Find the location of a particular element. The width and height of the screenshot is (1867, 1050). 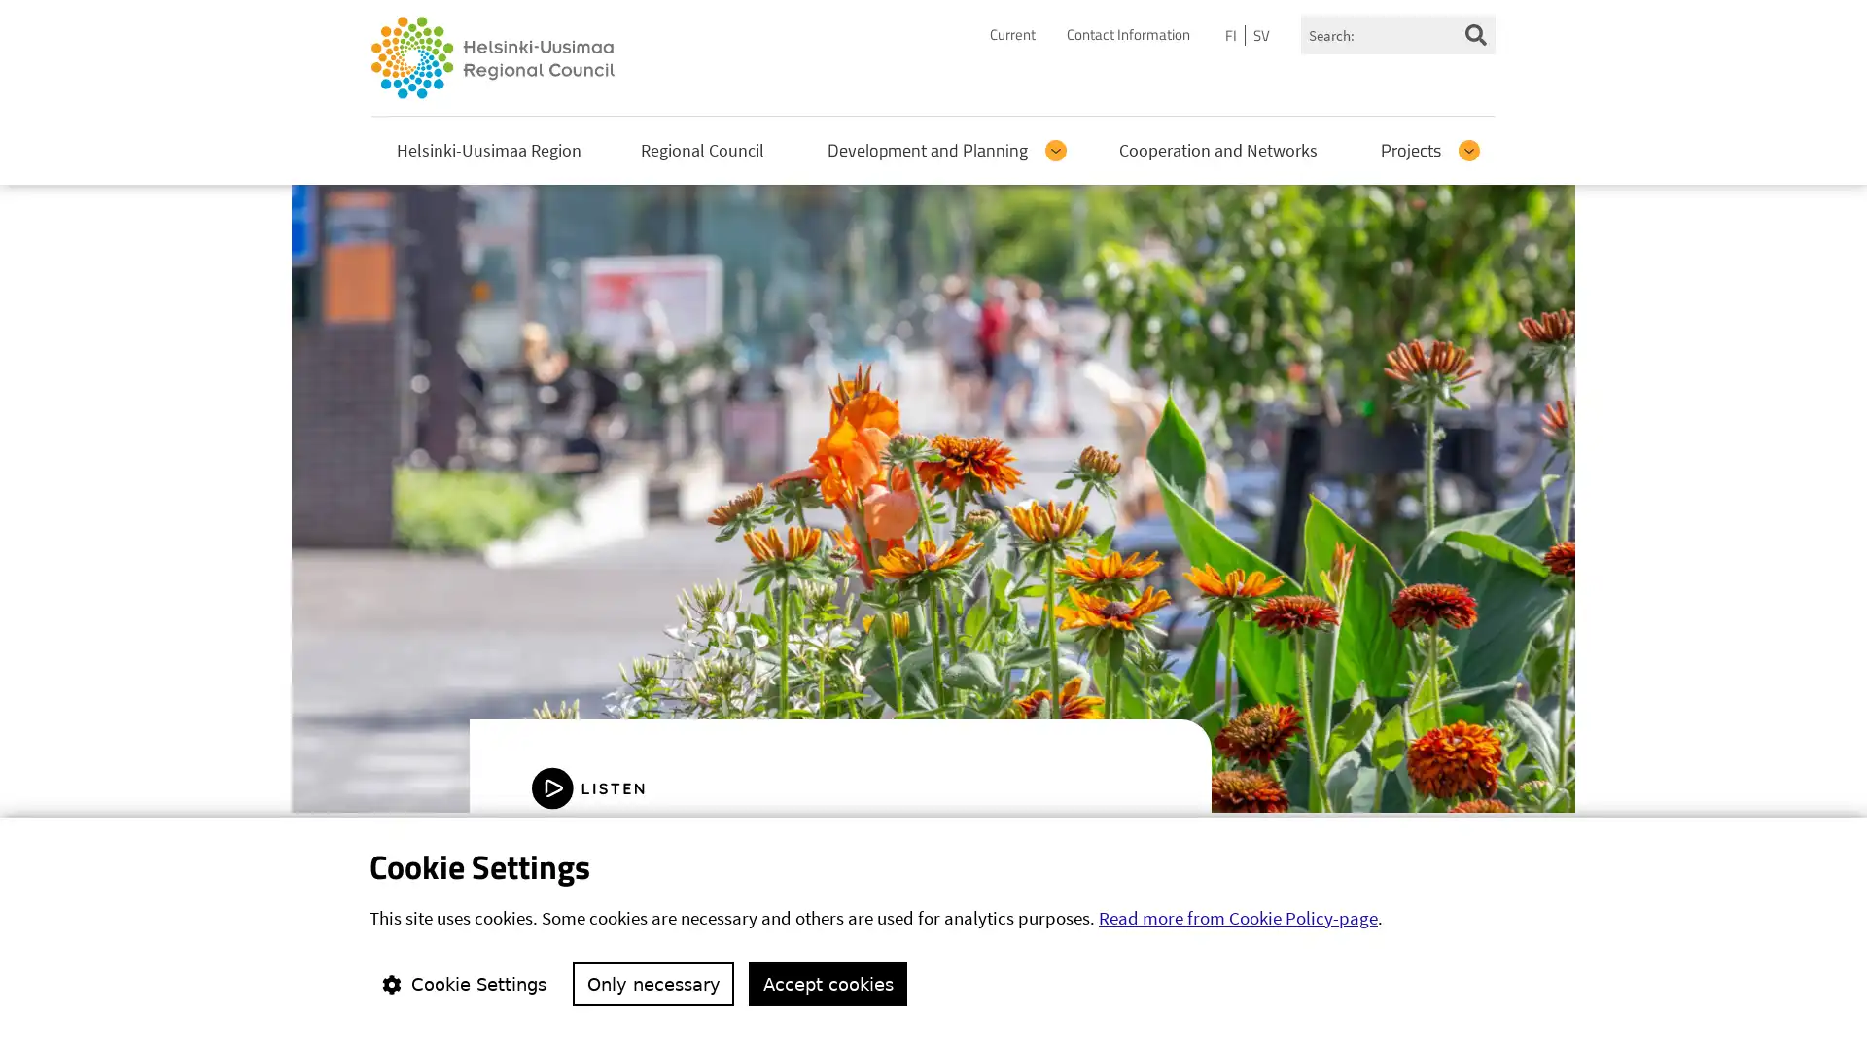

Cookie Settings is located at coordinates (462, 984).